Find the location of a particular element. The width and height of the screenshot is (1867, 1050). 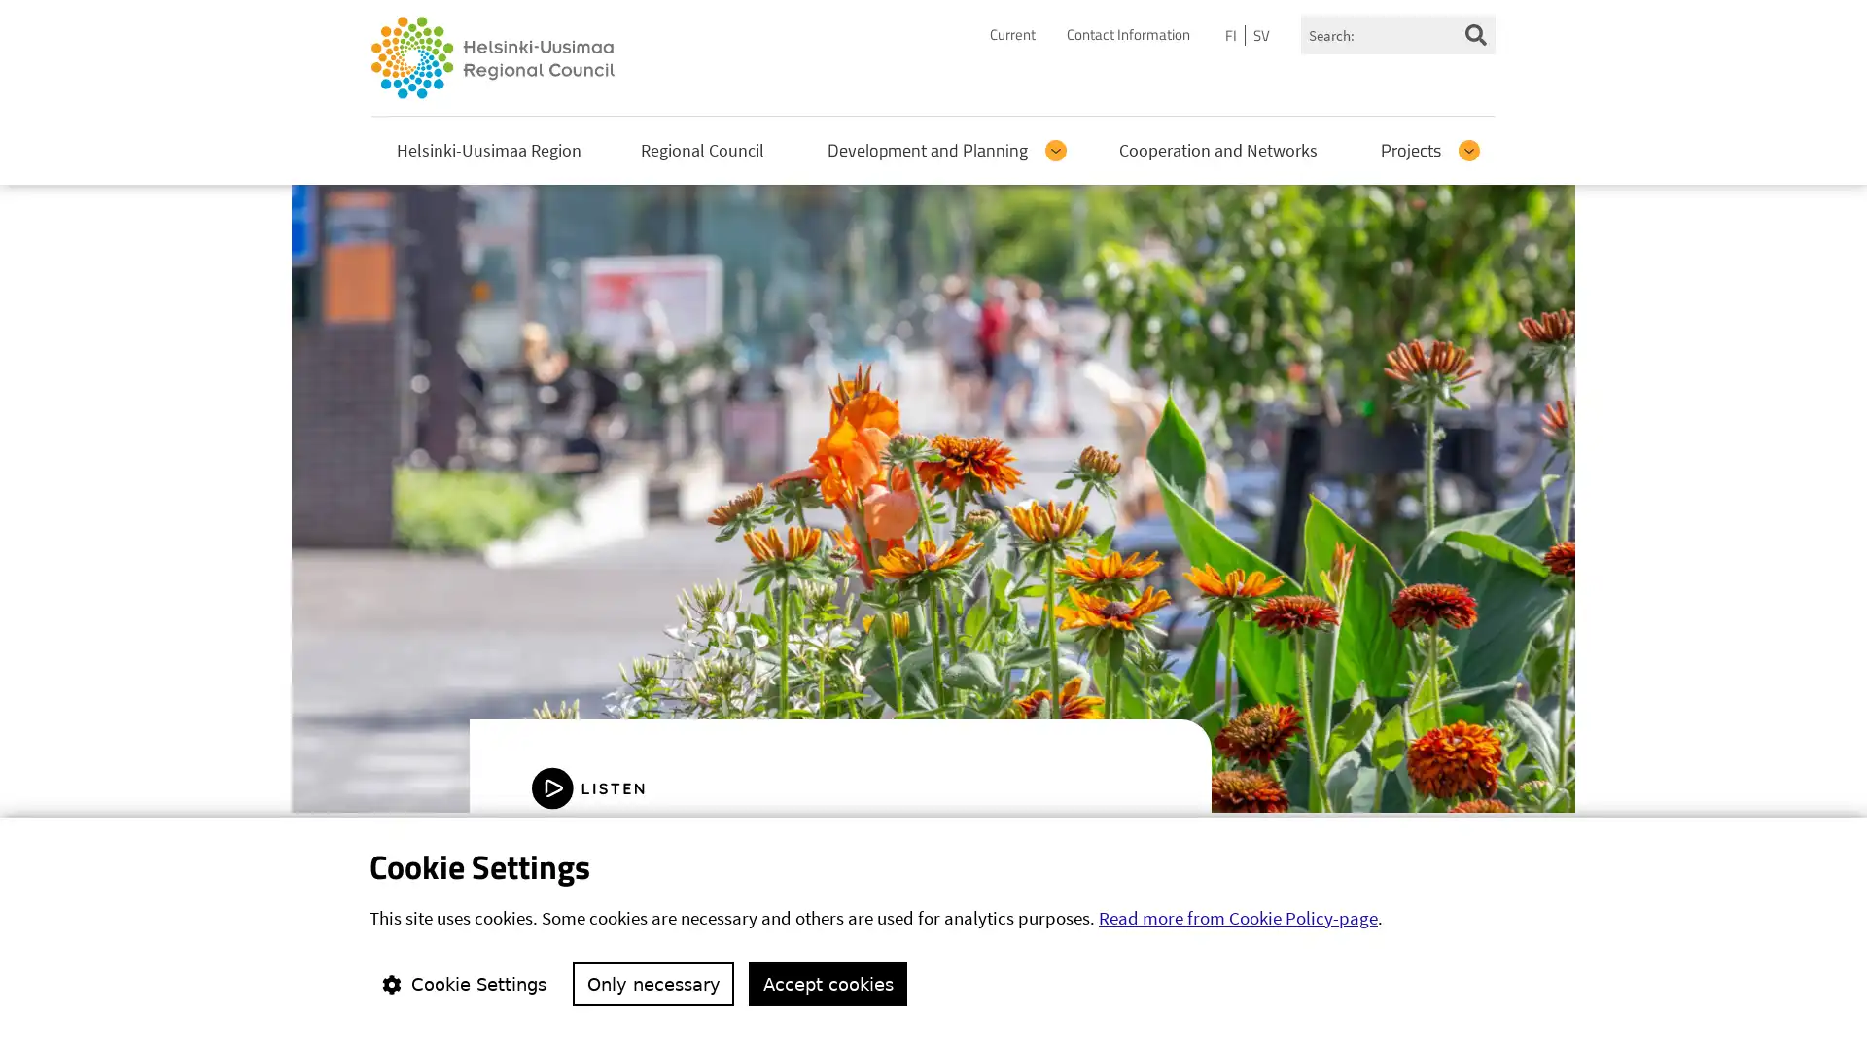

Cookie Settings is located at coordinates (462, 984).